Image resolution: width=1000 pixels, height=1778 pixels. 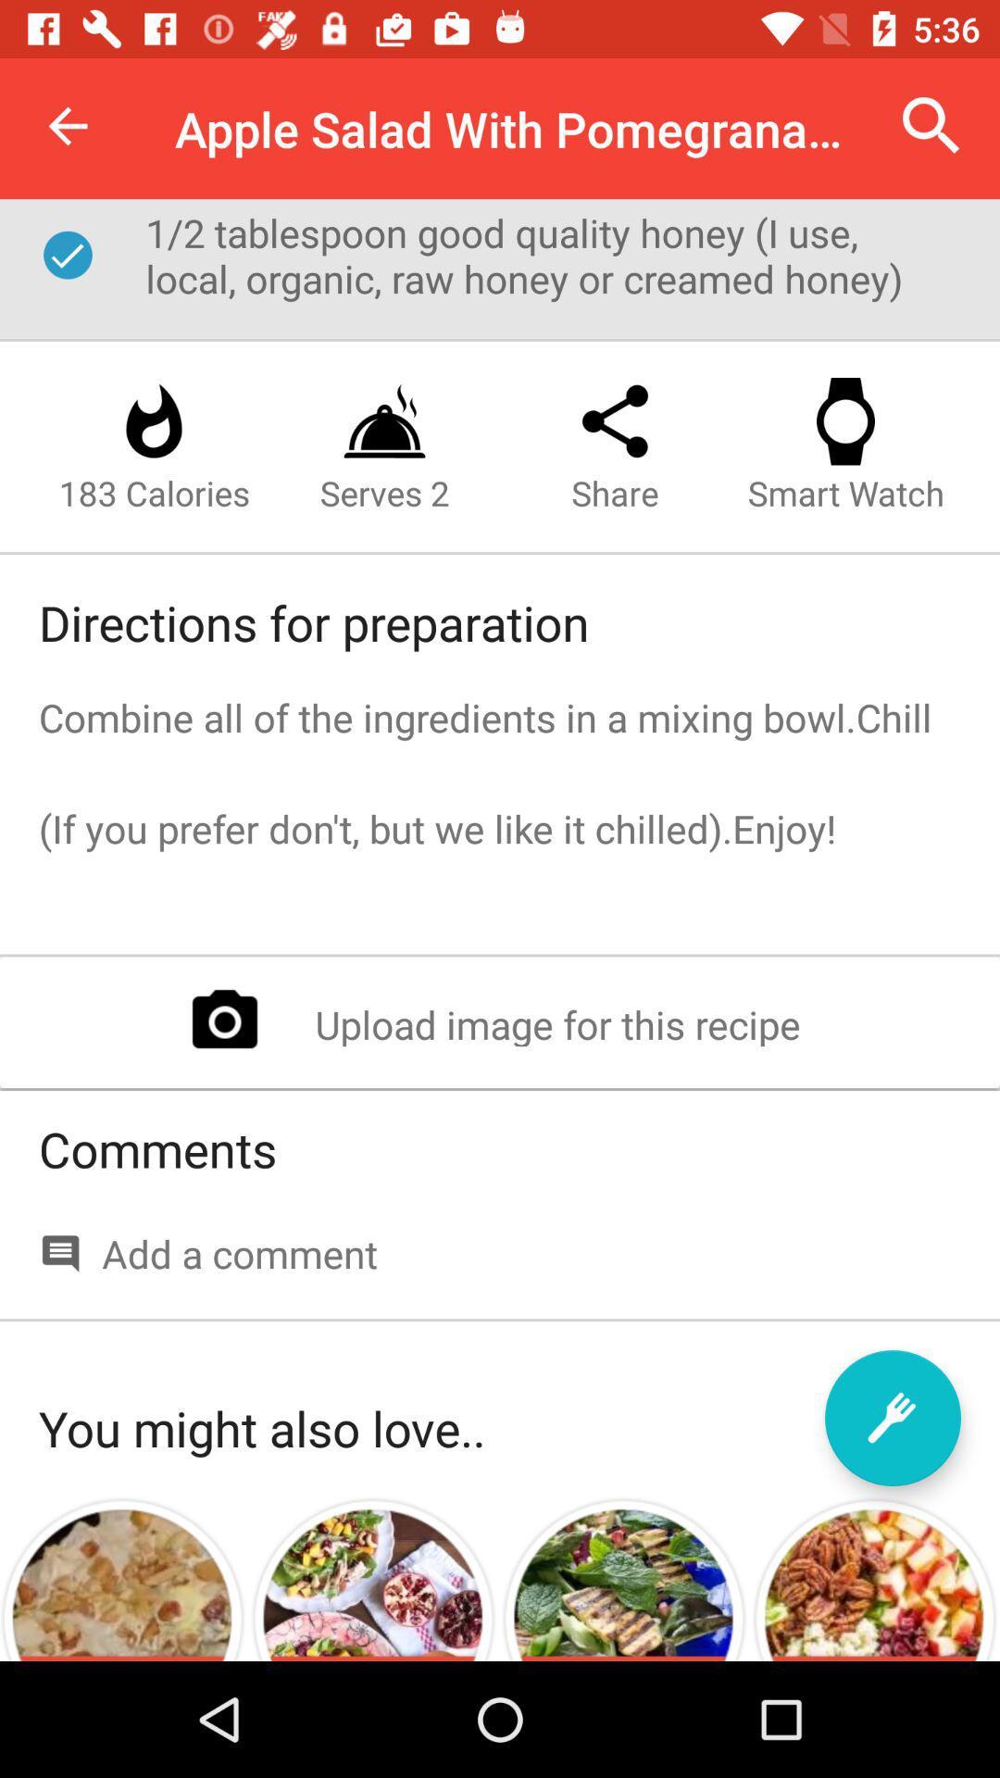 What do you see at coordinates (892, 1417) in the screenshot?
I see `the edit icon` at bounding box center [892, 1417].